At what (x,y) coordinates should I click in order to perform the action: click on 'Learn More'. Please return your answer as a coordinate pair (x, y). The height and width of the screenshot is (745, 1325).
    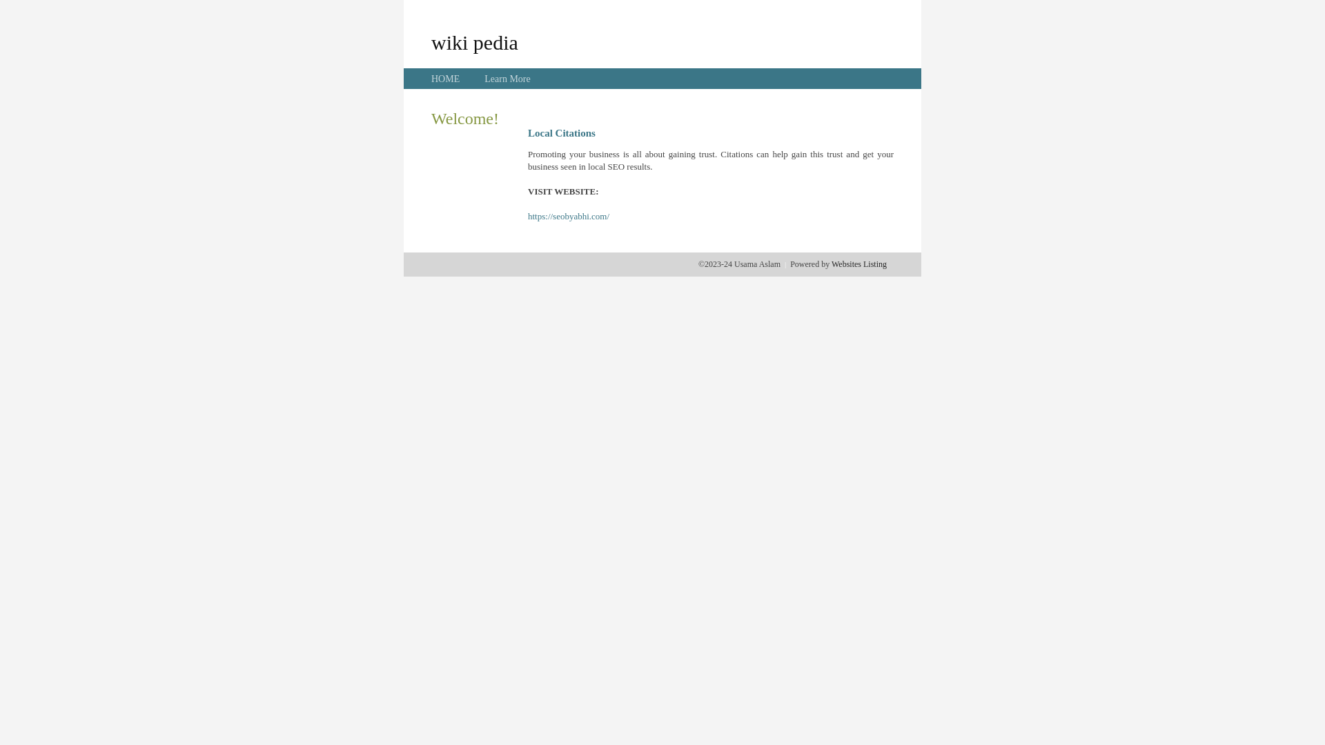
    Looking at the image, I should click on (484, 79).